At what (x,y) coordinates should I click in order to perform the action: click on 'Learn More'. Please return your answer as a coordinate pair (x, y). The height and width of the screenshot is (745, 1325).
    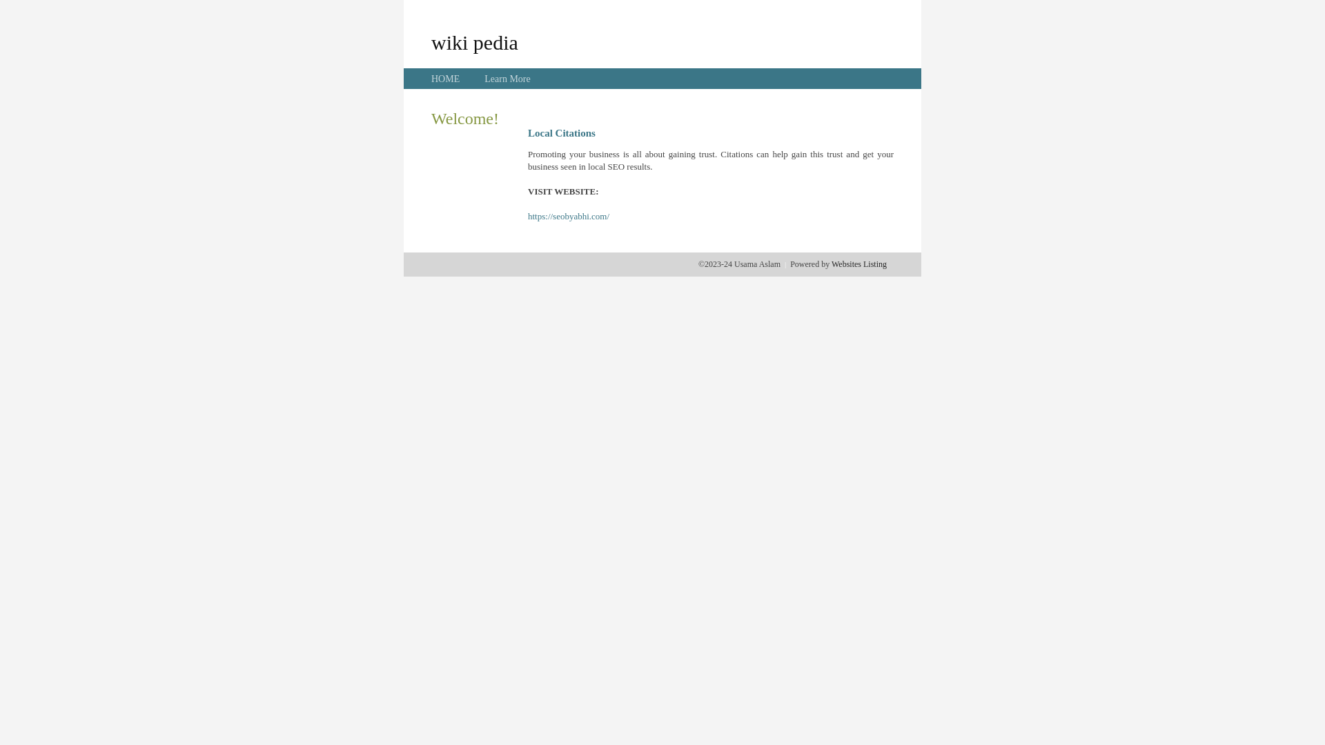
    Looking at the image, I should click on (484, 79).